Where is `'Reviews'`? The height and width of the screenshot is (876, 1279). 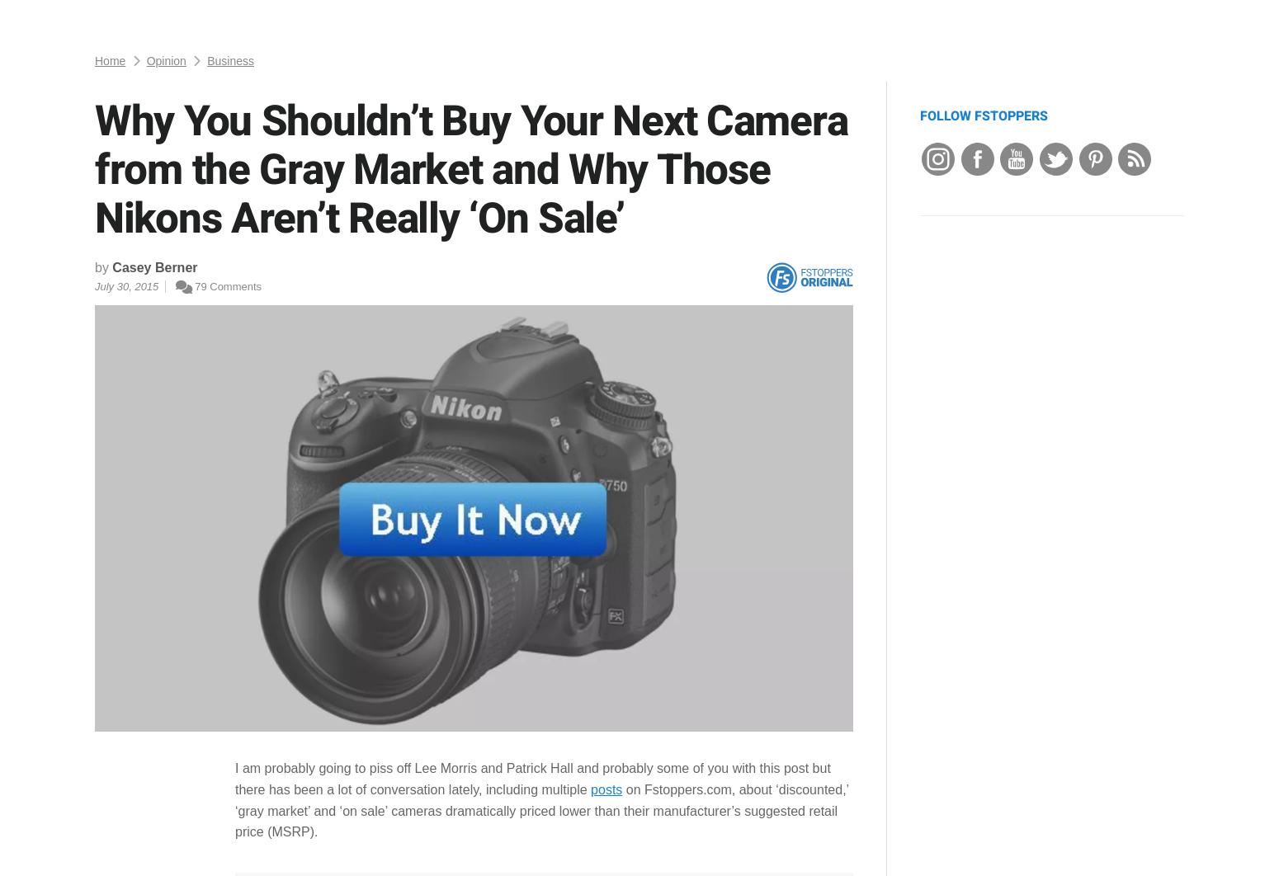 'Reviews' is located at coordinates (206, 20).